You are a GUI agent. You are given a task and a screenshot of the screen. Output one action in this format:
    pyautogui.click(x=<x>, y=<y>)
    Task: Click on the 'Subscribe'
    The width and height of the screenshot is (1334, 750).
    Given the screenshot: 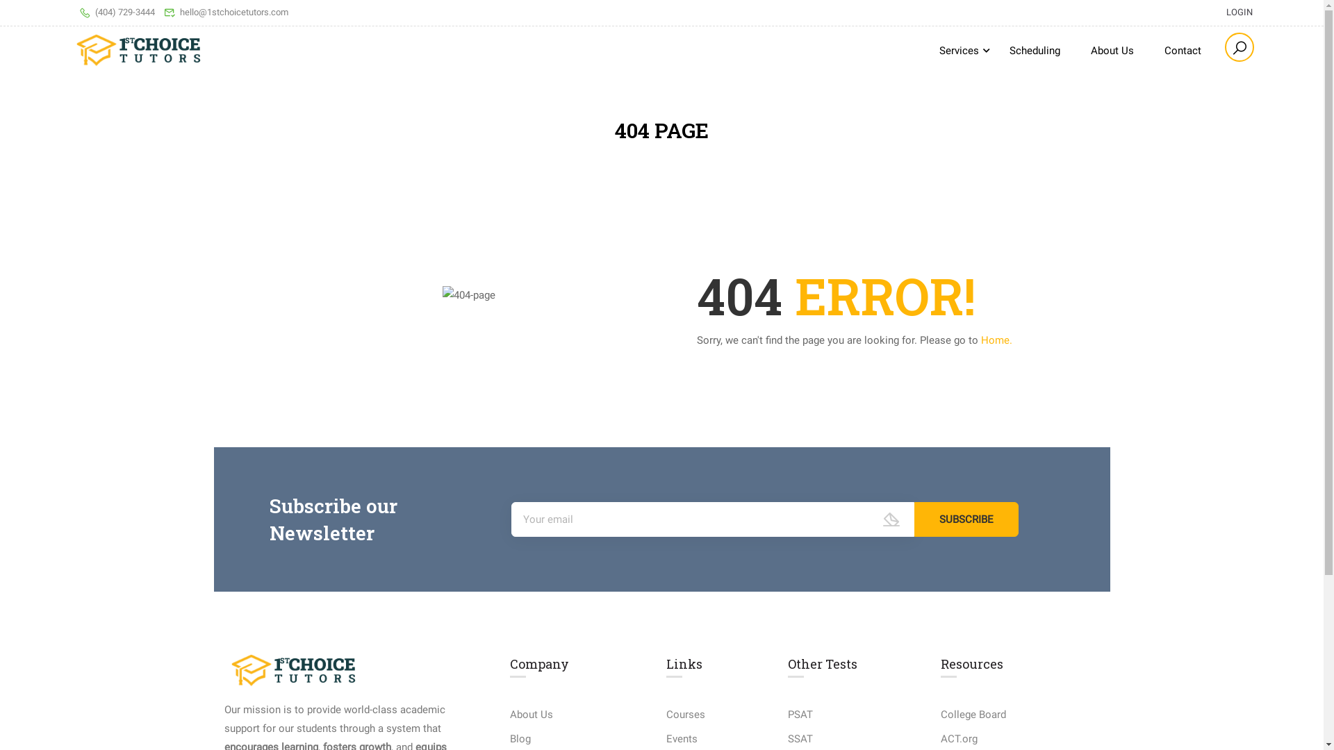 What is the action you would take?
    pyautogui.click(x=966, y=519)
    